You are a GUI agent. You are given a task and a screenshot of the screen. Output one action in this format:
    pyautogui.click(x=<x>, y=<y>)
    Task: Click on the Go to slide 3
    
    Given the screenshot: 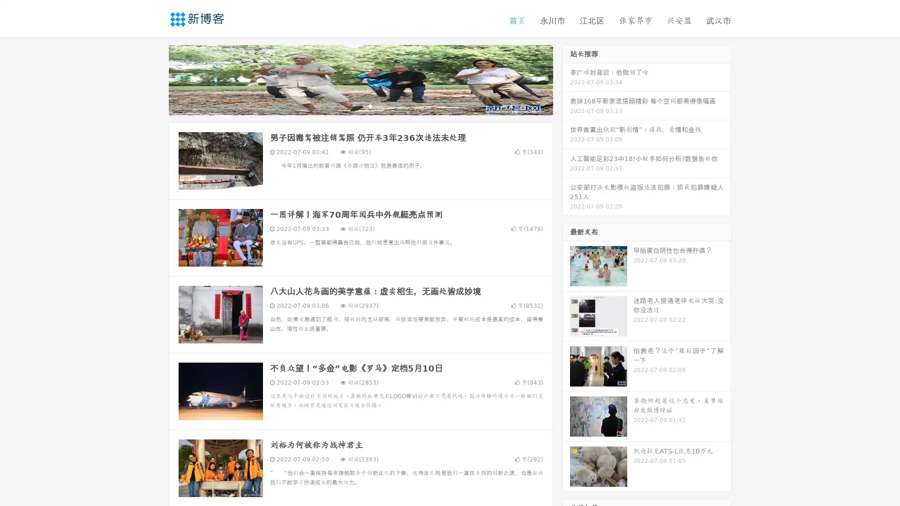 What is the action you would take?
    pyautogui.click(x=370, y=105)
    